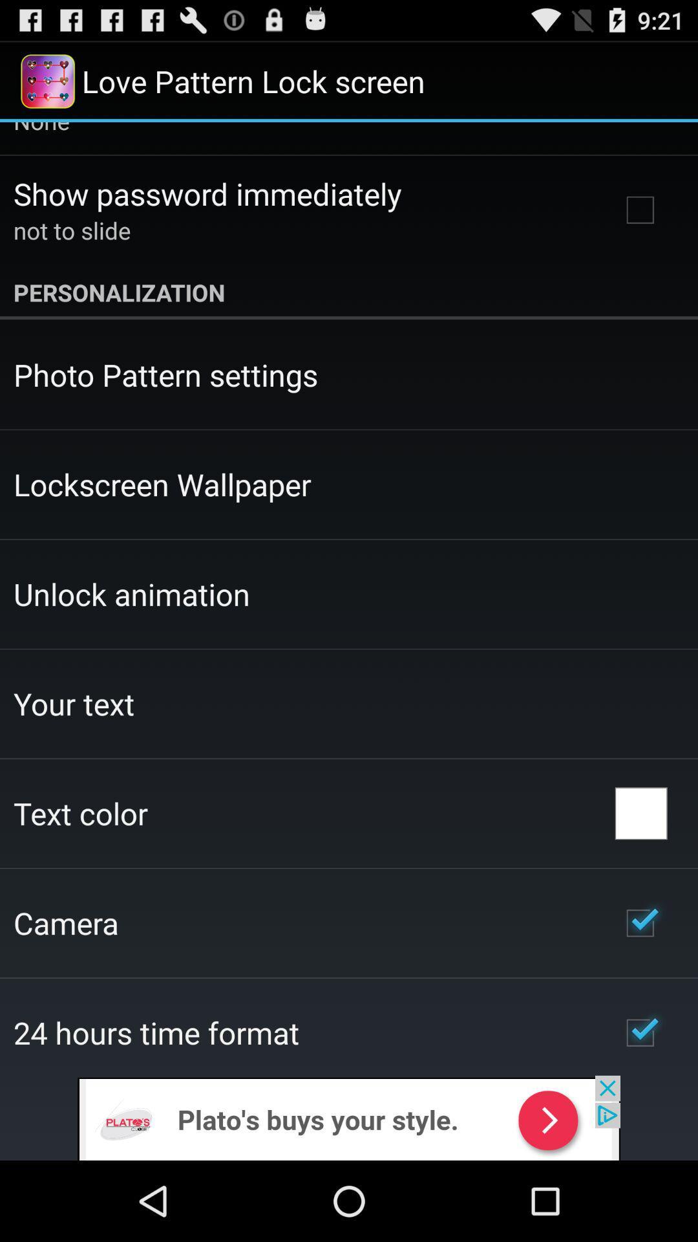 The width and height of the screenshot is (698, 1242). I want to click on the top right checkbox, so click(640, 210).